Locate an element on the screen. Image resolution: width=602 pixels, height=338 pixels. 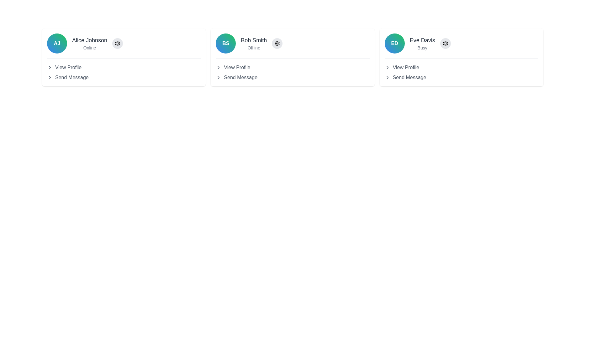
the 'chevron-right' icon located to the left of the text 'View Profile' in the profile card section for user Alice Johnson is located at coordinates (49, 68).